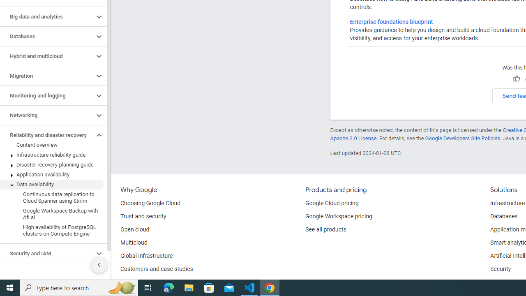  I want to click on 'Big data and analytics', so click(46, 17).